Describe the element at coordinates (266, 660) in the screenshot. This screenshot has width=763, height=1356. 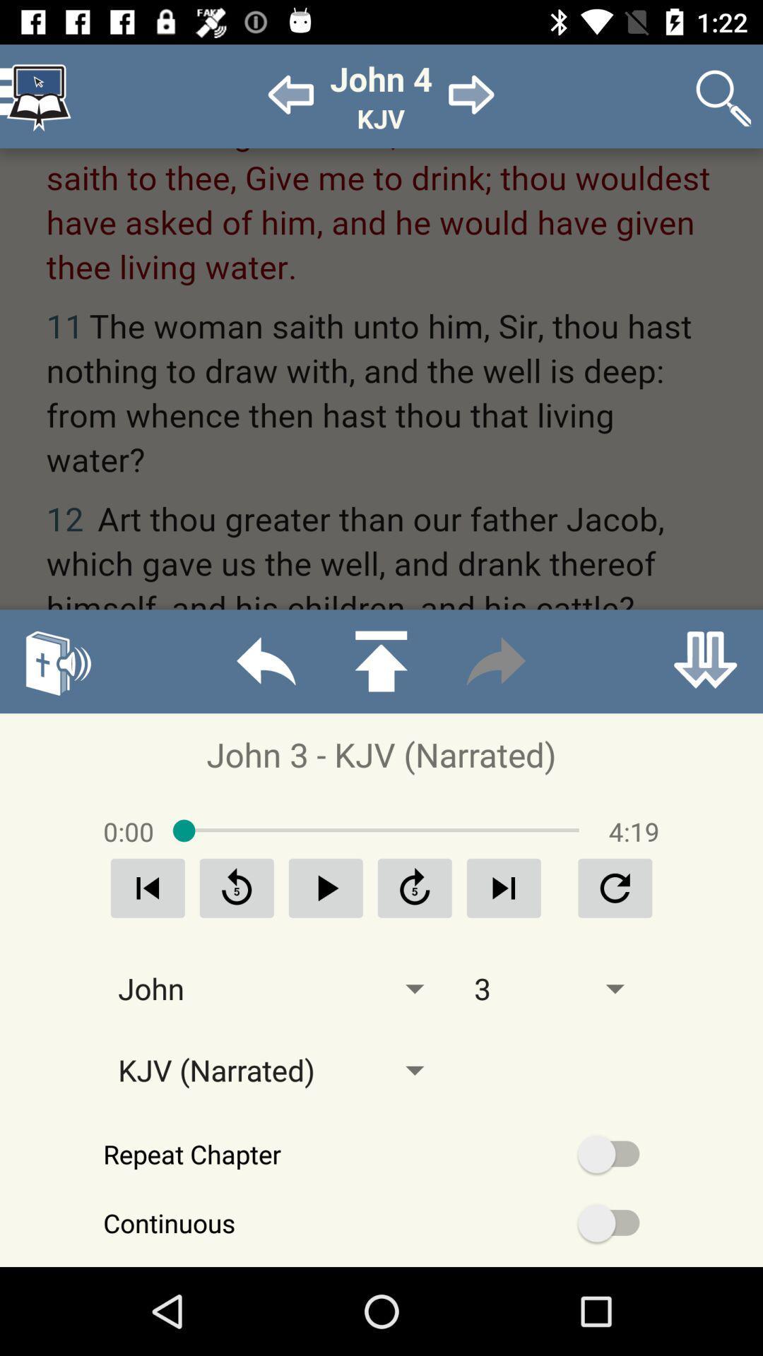
I see `the reply icon` at that location.